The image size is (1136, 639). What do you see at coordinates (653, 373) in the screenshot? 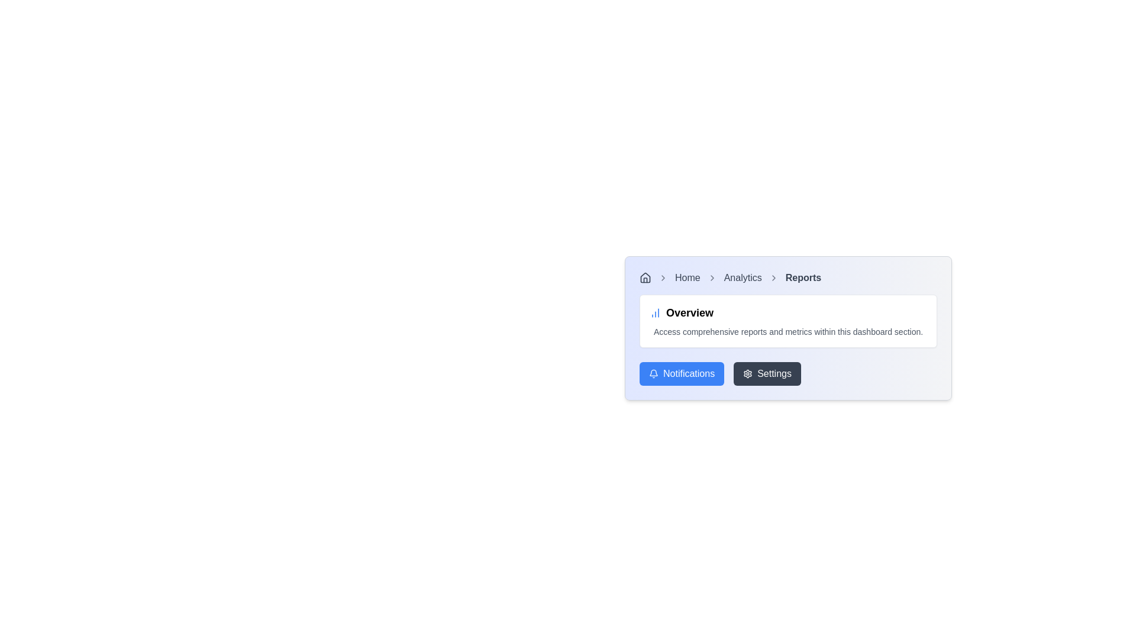
I see `the main body of the bell icon located to the left of the notification text button near the bottom of the visible panel` at bounding box center [653, 373].